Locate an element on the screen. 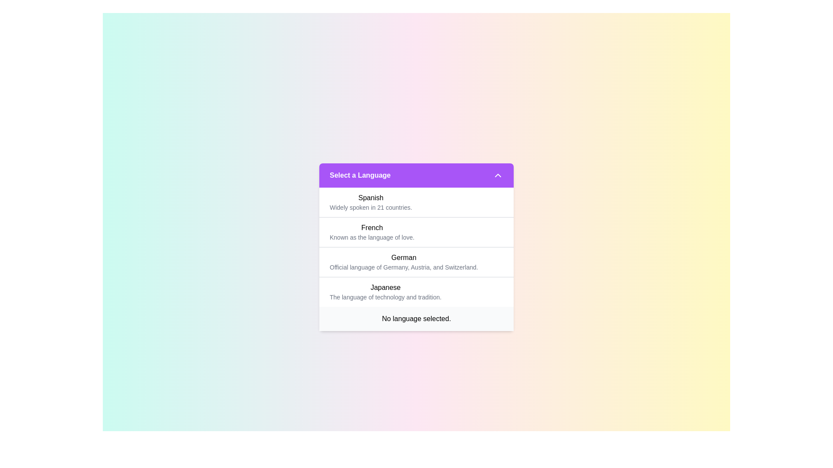  the selectable list item displaying 'German', which is positioned third in the vertical list of language options is located at coordinates (416, 261).